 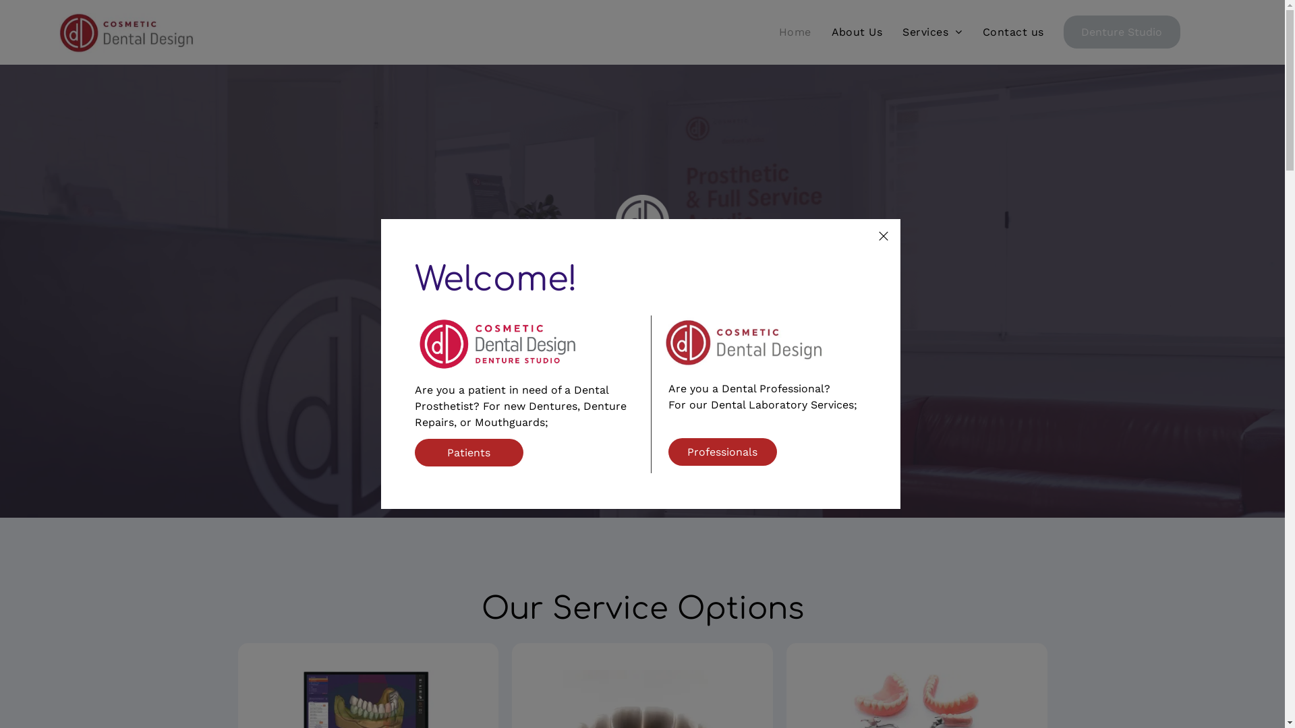 What do you see at coordinates (795, 31) in the screenshot?
I see `'Home'` at bounding box center [795, 31].